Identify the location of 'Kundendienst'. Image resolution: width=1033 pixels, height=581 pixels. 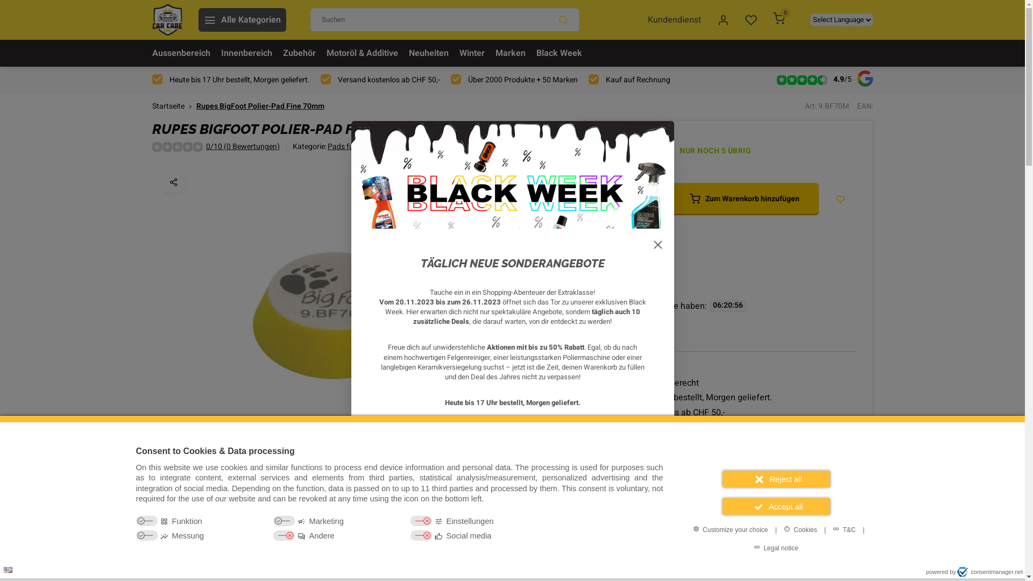
(674, 20).